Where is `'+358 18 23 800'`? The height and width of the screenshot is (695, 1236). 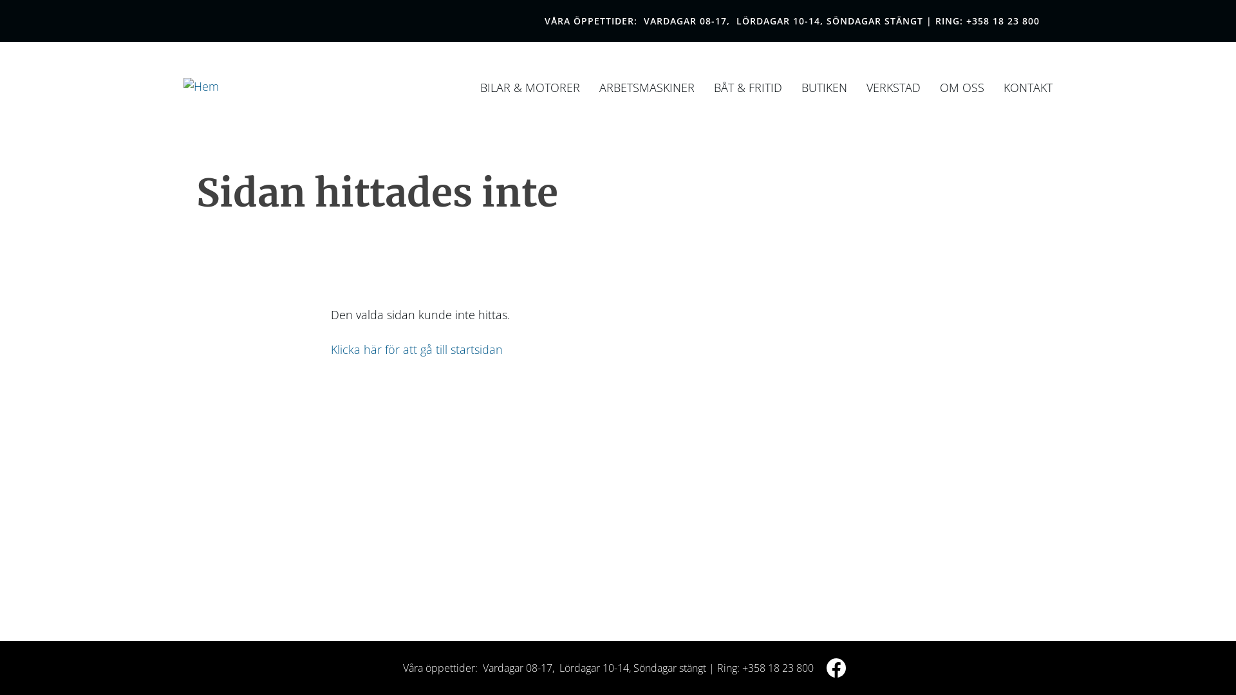
'+358 18 23 800' is located at coordinates (1002, 21).